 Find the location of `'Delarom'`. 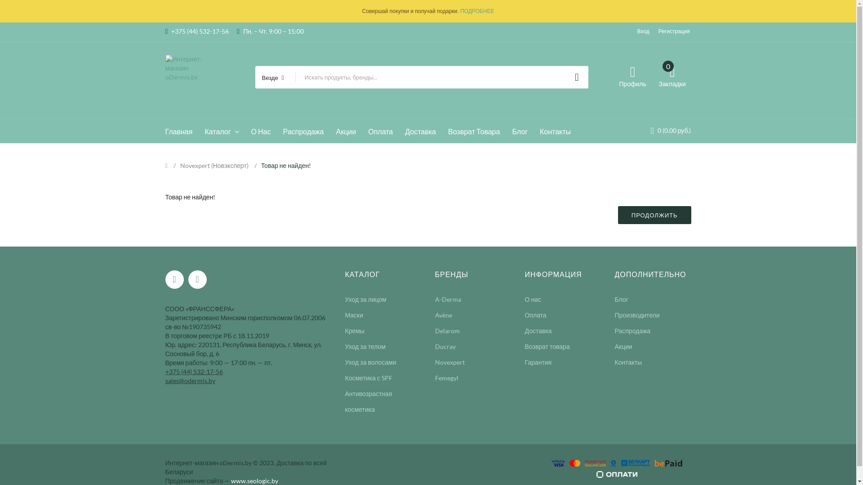

'Delarom' is located at coordinates (447, 331).